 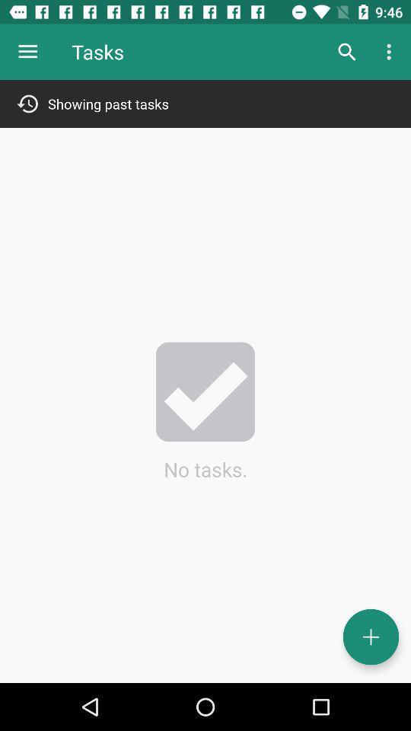 I want to click on task, so click(x=370, y=637).